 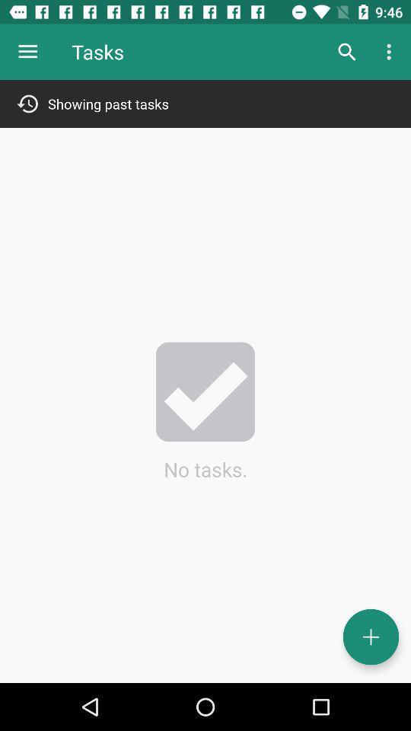 I want to click on task, so click(x=370, y=637).